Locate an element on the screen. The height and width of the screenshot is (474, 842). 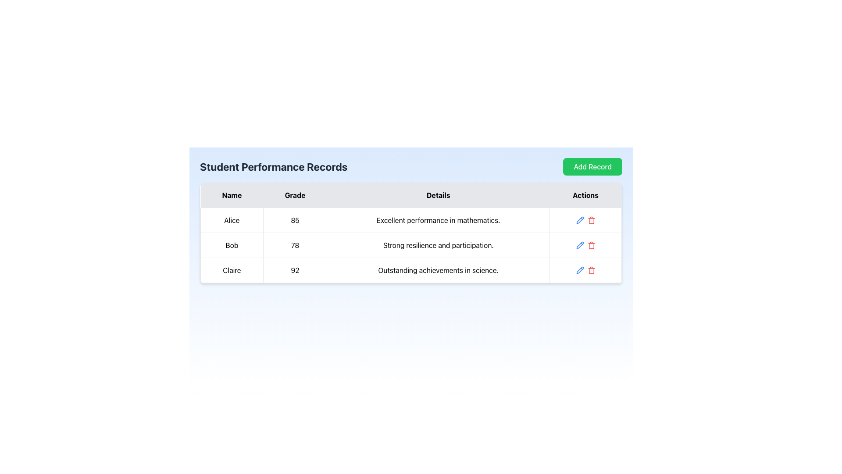
displayed text 'Bob' from the Text Display located in the second row, first column of the 'Student Performance Records' table, which is directly below 'Alice' and above 'Claire' is located at coordinates (232, 245).